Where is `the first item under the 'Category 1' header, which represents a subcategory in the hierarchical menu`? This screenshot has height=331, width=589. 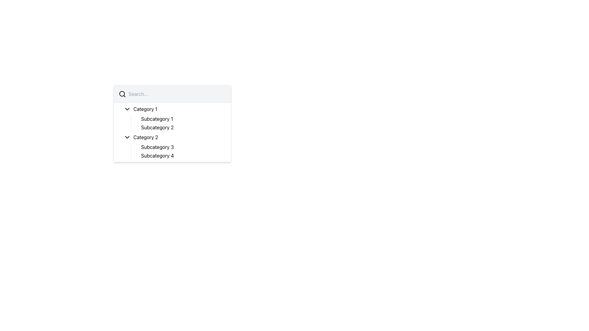
the first item under the 'Category 1' header, which represents a subcategory in the hierarchical menu is located at coordinates (157, 119).